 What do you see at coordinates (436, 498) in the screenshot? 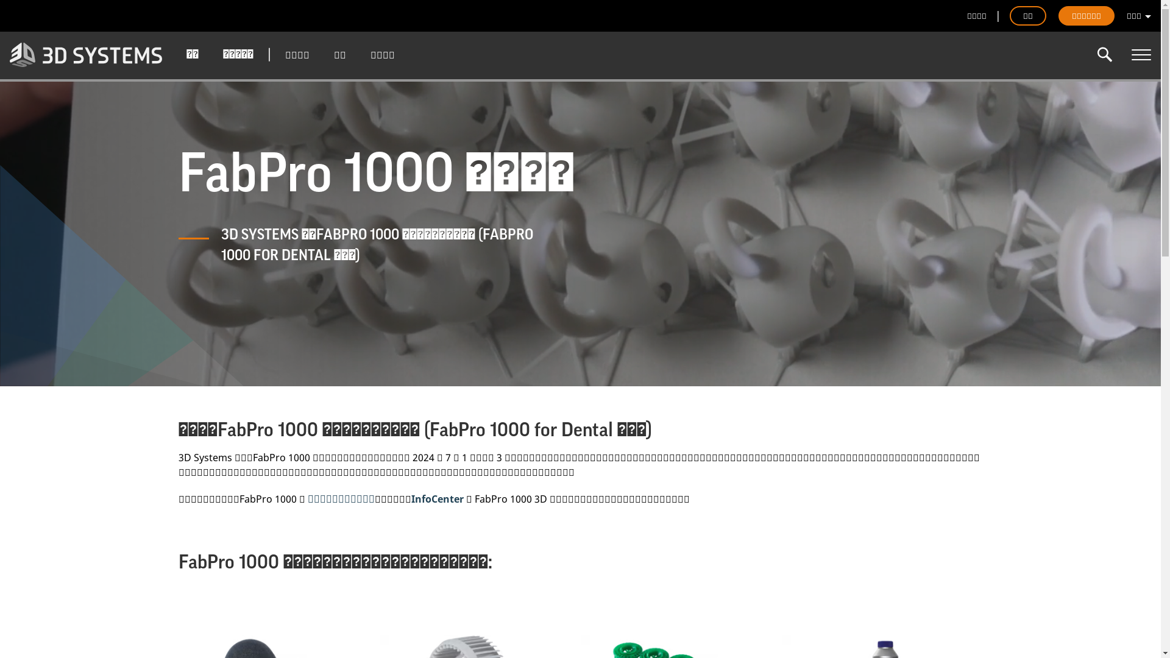
I see `'InfoCenter'` at bounding box center [436, 498].